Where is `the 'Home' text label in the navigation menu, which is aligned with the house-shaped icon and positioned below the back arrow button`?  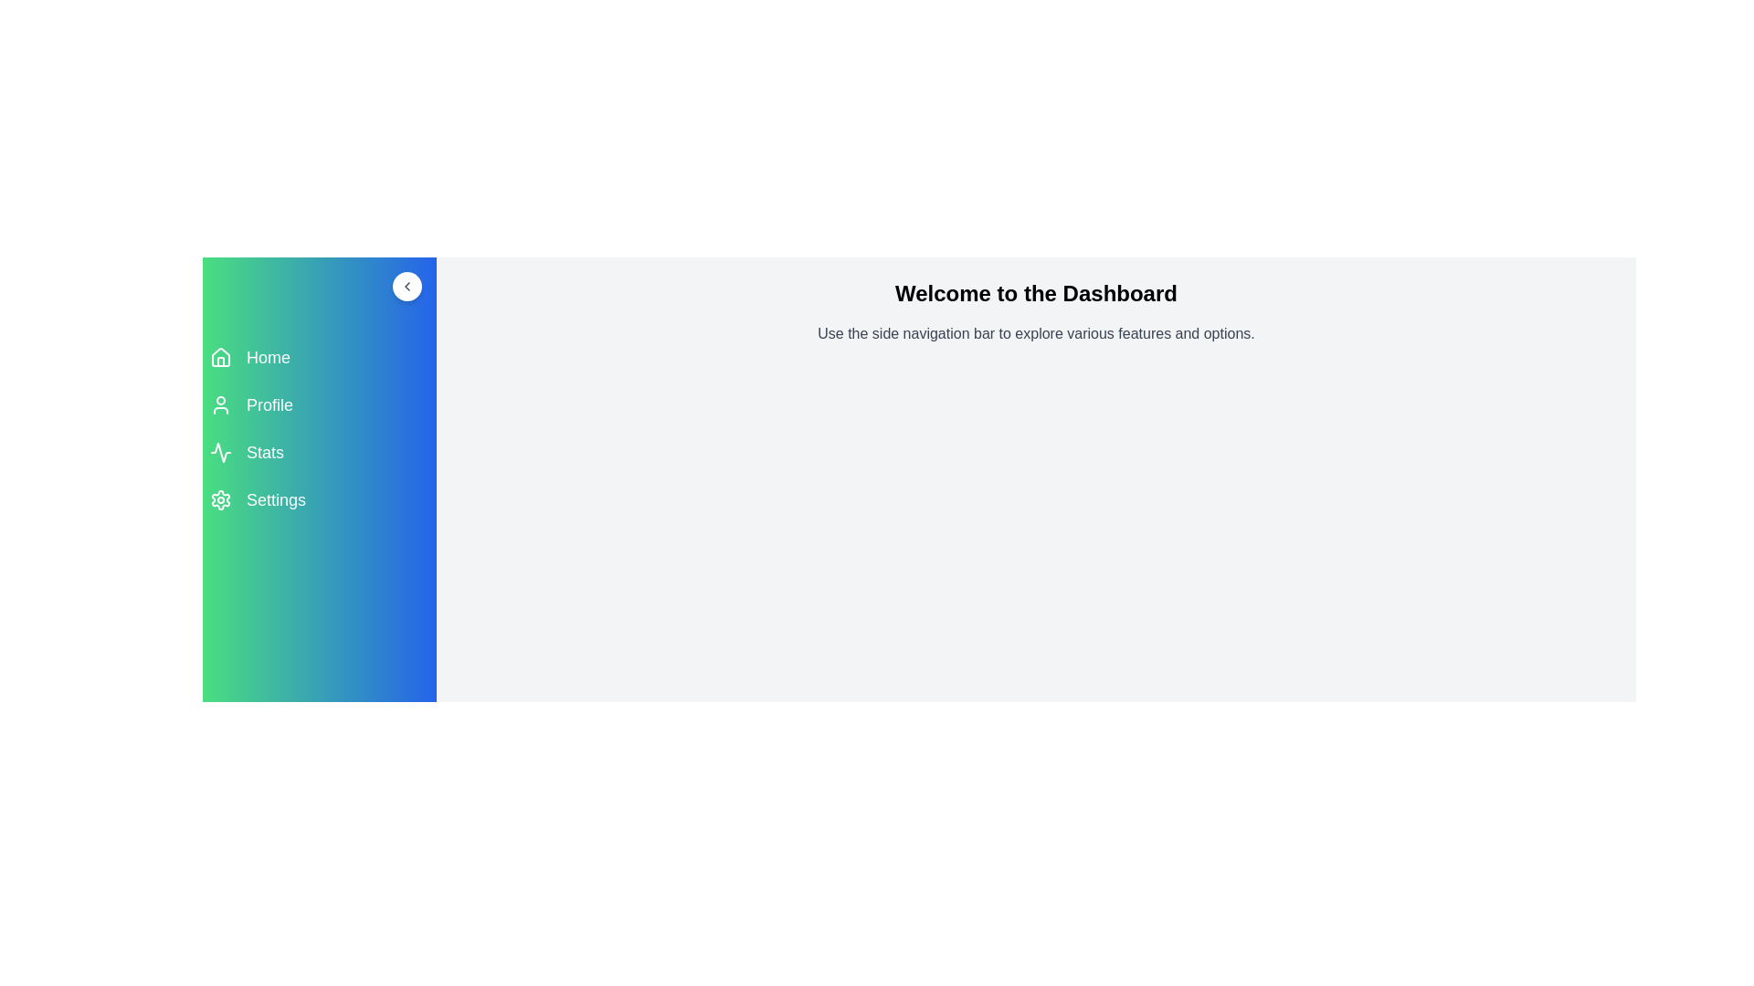 the 'Home' text label in the navigation menu, which is aligned with the house-shaped icon and positioned below the back arrow button is located at coordinates (267, 358).